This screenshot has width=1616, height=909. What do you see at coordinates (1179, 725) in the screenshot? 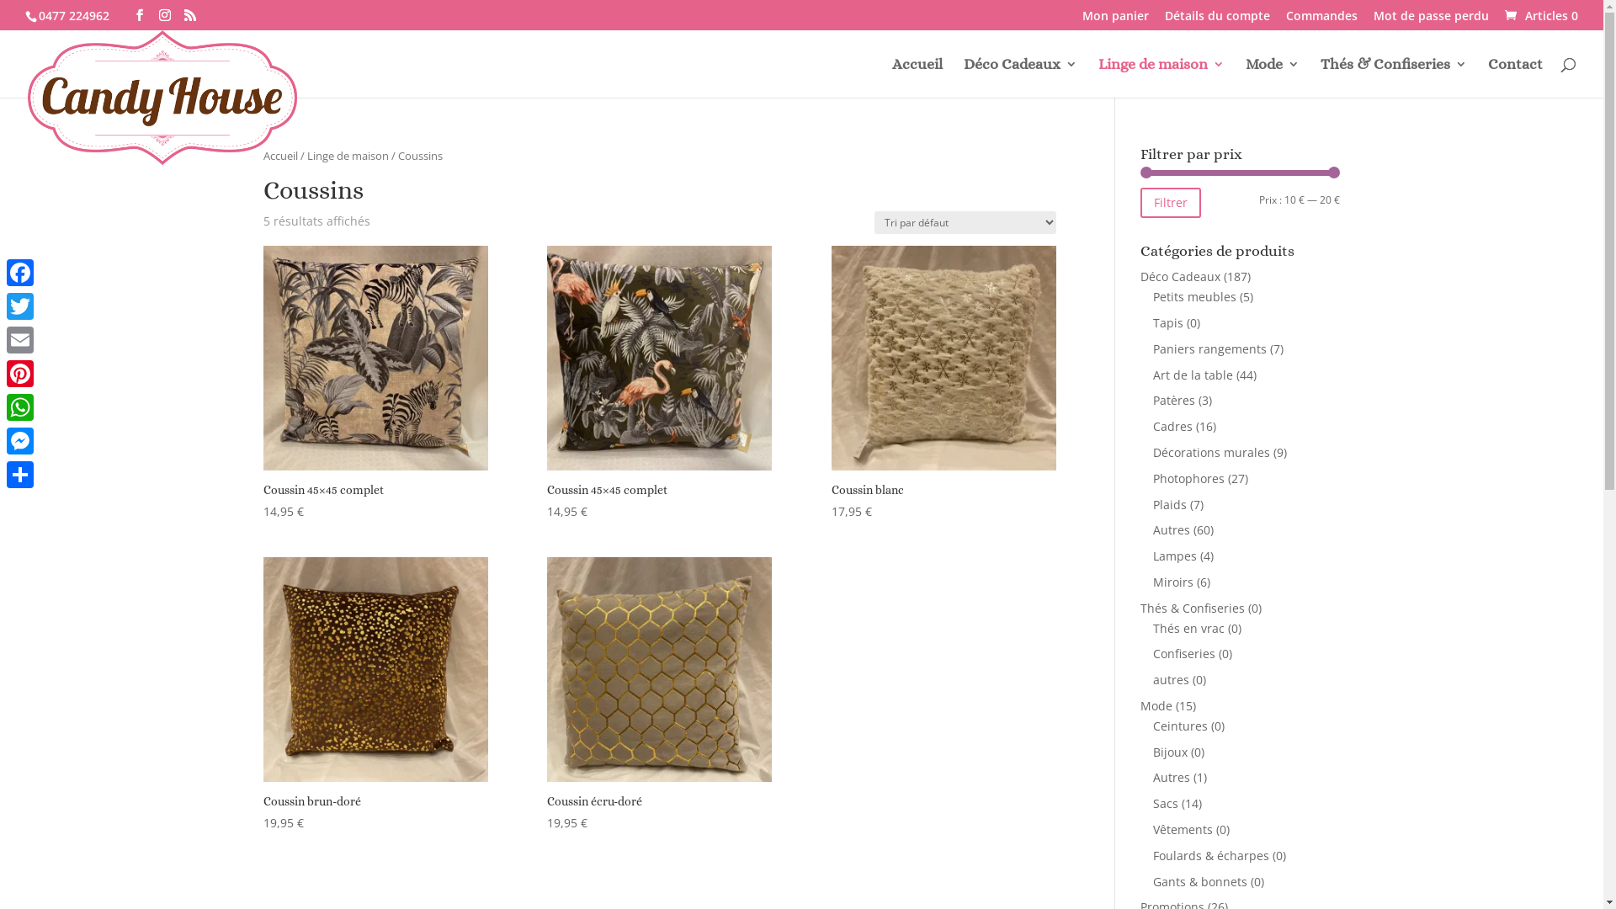
I see `'Ceintures'` at bounding box center [1179, 725].